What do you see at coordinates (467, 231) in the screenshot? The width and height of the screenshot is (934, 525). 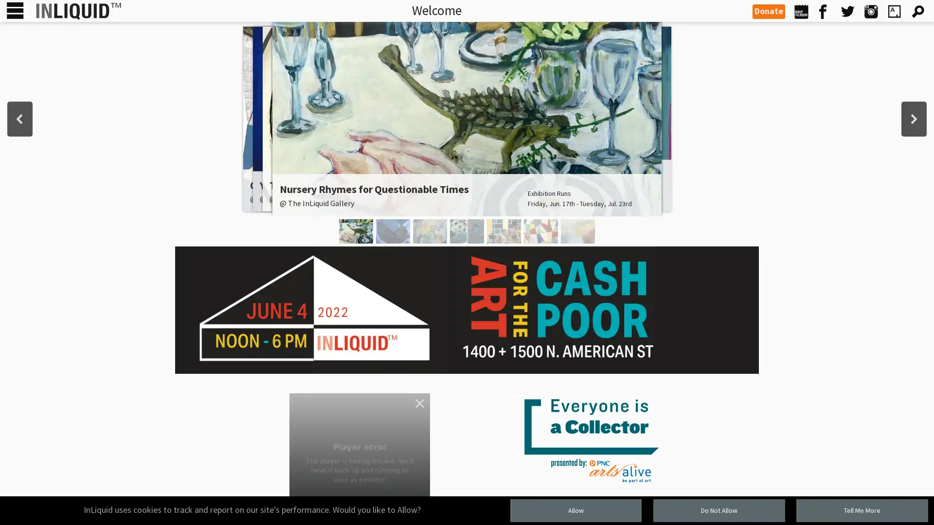 I see `Textural Geometries` at bounding box center [467, 231].